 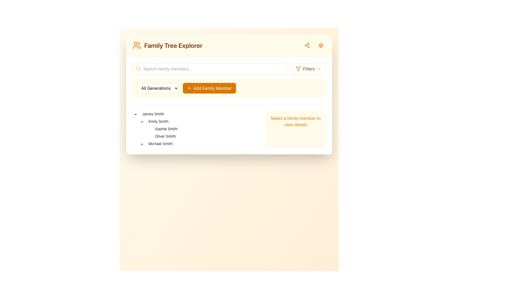 What do you see at coordinates (189, 88) in the screenshot?
I see `the small plus sign icon within the 'Add Family Member' button located below the 'All Generations' dropdown menu` at bounding box center [189, 88].